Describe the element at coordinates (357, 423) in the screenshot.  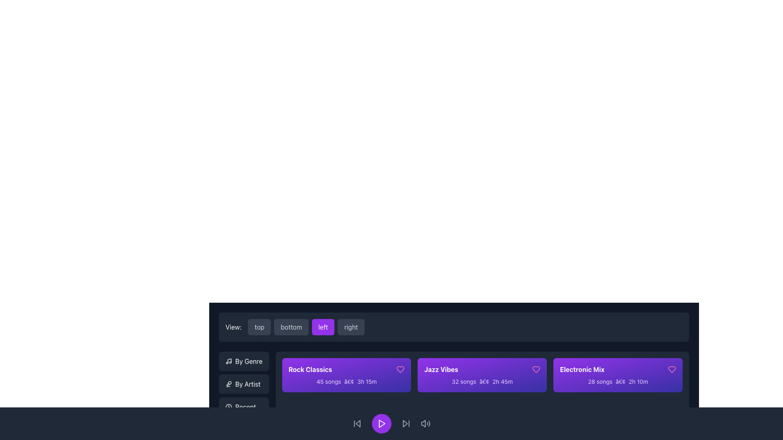
I see `the Icon Button positioned in the bottom control bar, specifically the first control icon to the left of the play button, to skip to the previous track` at that location.